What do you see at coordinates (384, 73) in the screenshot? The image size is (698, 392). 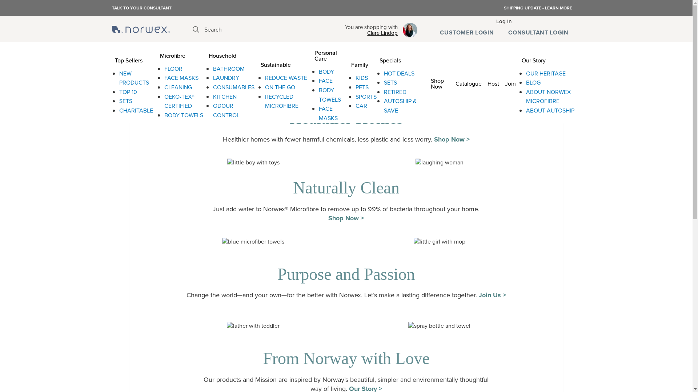 I see `'HOT DEALS'` at bounding box center [384, 73].